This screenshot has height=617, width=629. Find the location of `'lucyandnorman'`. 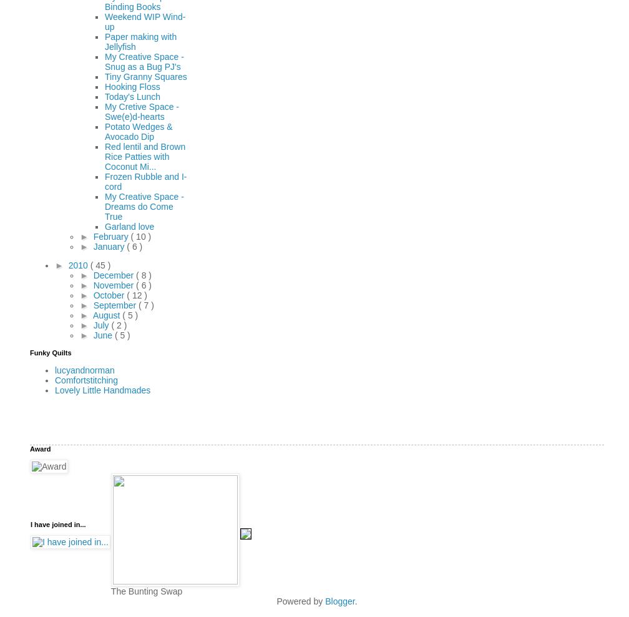

'lucyandnorman' is located at coordinates (84, 370).